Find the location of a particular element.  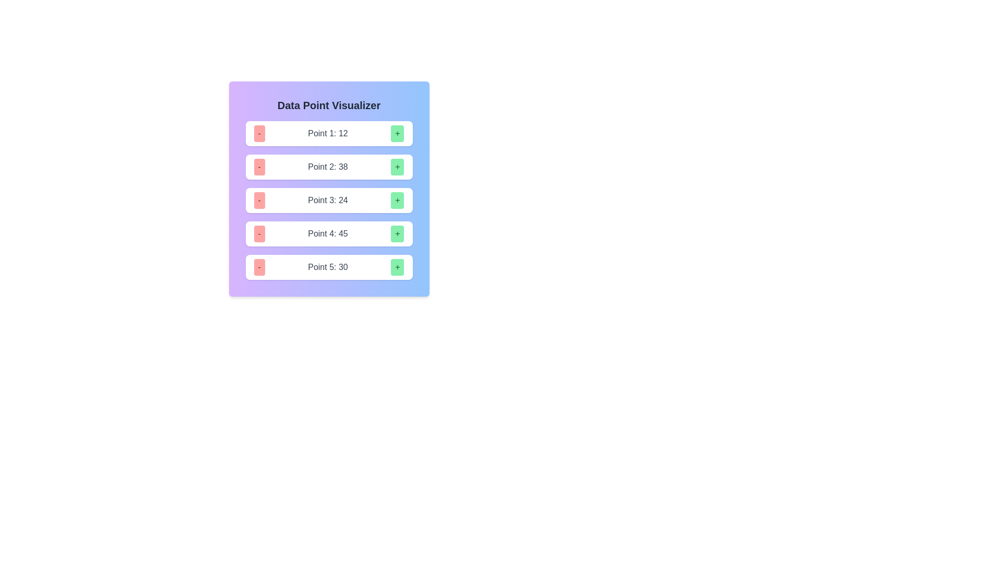

the Text label that displays the value for Point 5, which is 30, positioned between a red button (-) on the left and a green button (+) on the right is located at coordinates (327, 267).